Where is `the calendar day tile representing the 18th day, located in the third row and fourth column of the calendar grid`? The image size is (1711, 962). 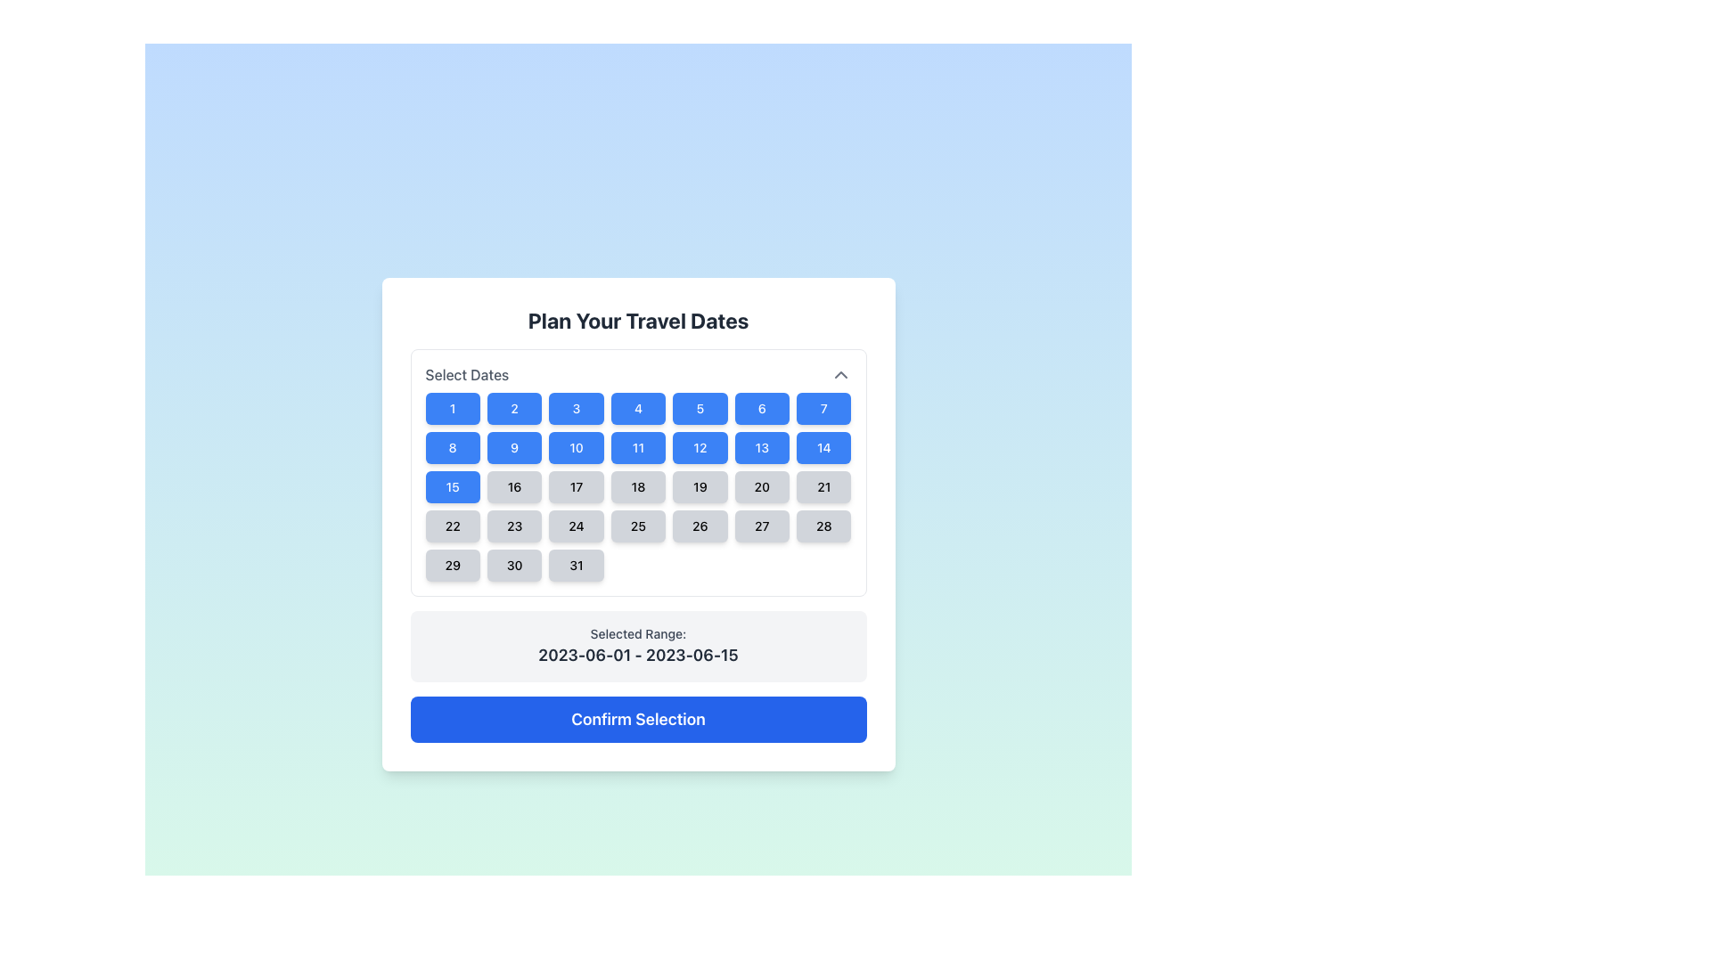 the calendar day tile representing the 18th day, located in the third row and fourth column of the calendar grid is located at coordinates (638, 472).